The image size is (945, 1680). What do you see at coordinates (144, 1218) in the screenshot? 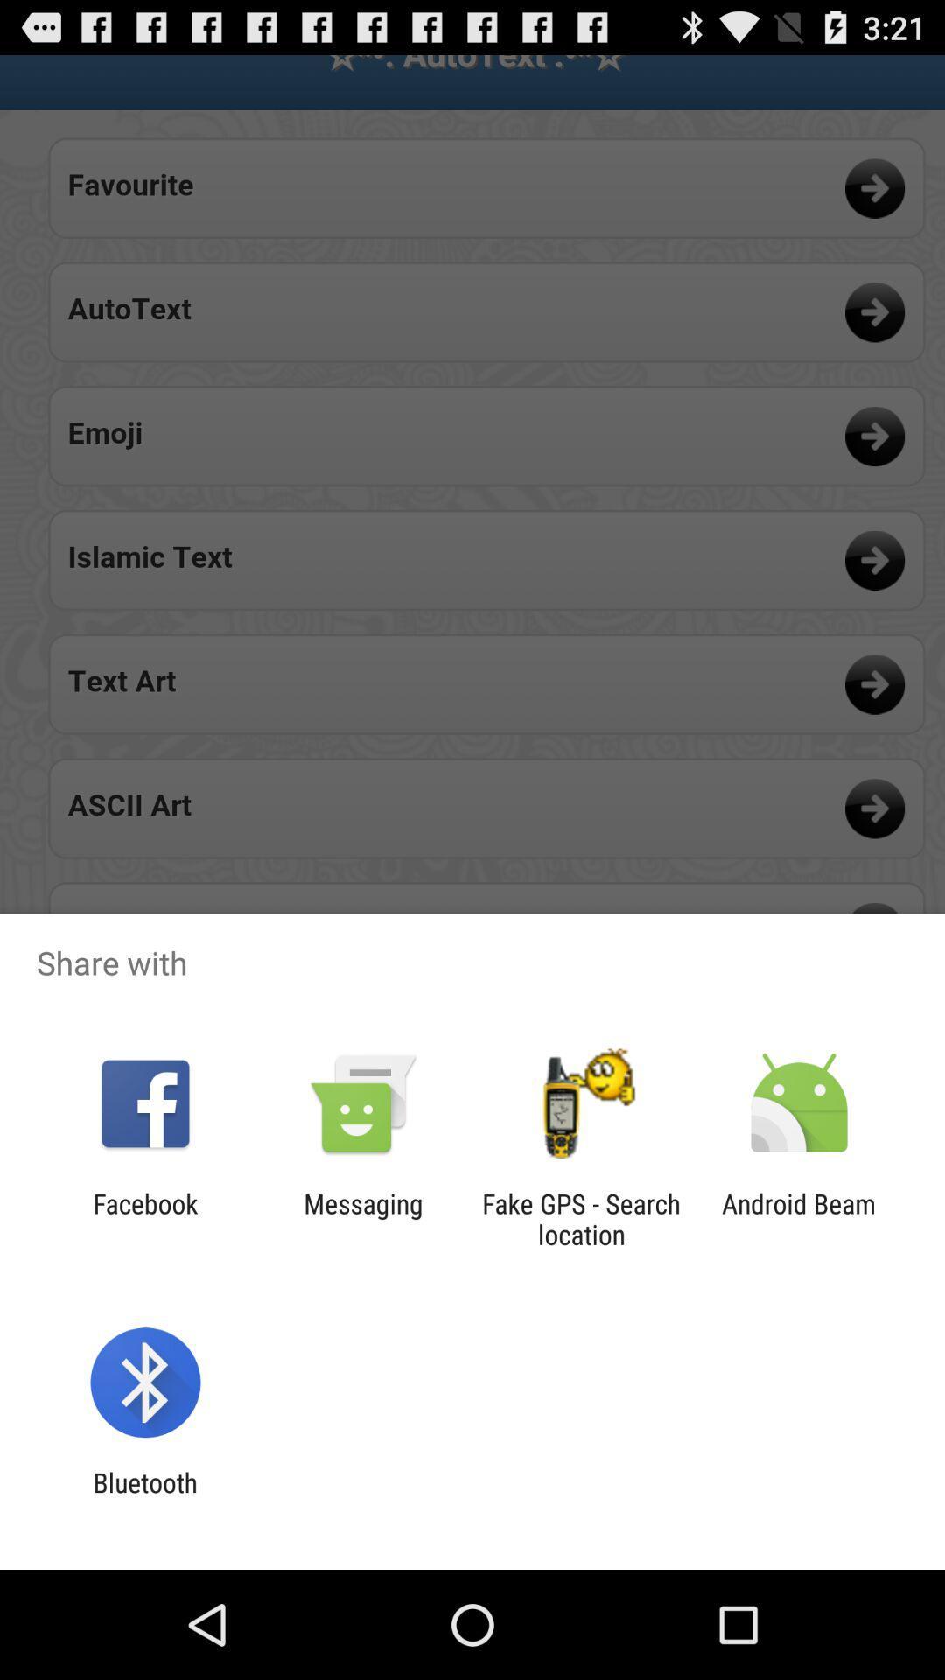
I see `the facebook app` at bounding box center [144, 1218].